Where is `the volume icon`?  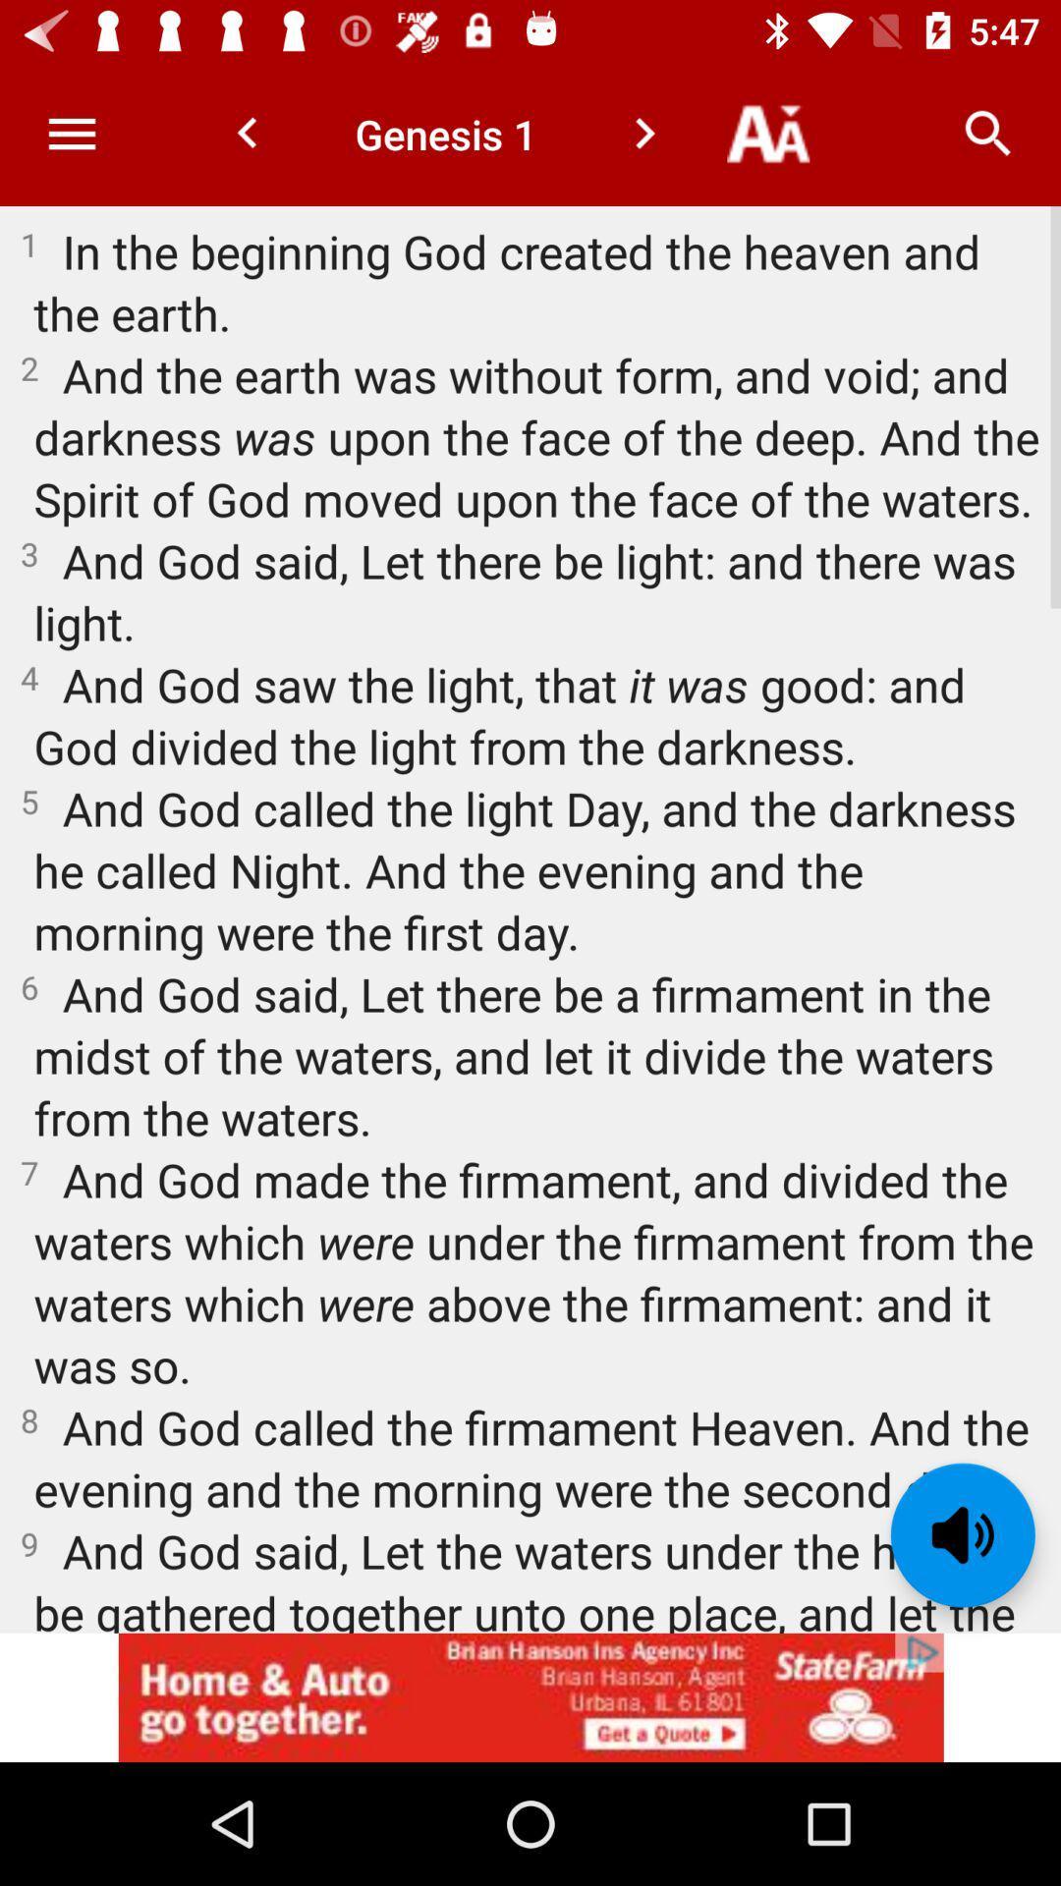 the volume icon is located at coordinates (962, 1534).